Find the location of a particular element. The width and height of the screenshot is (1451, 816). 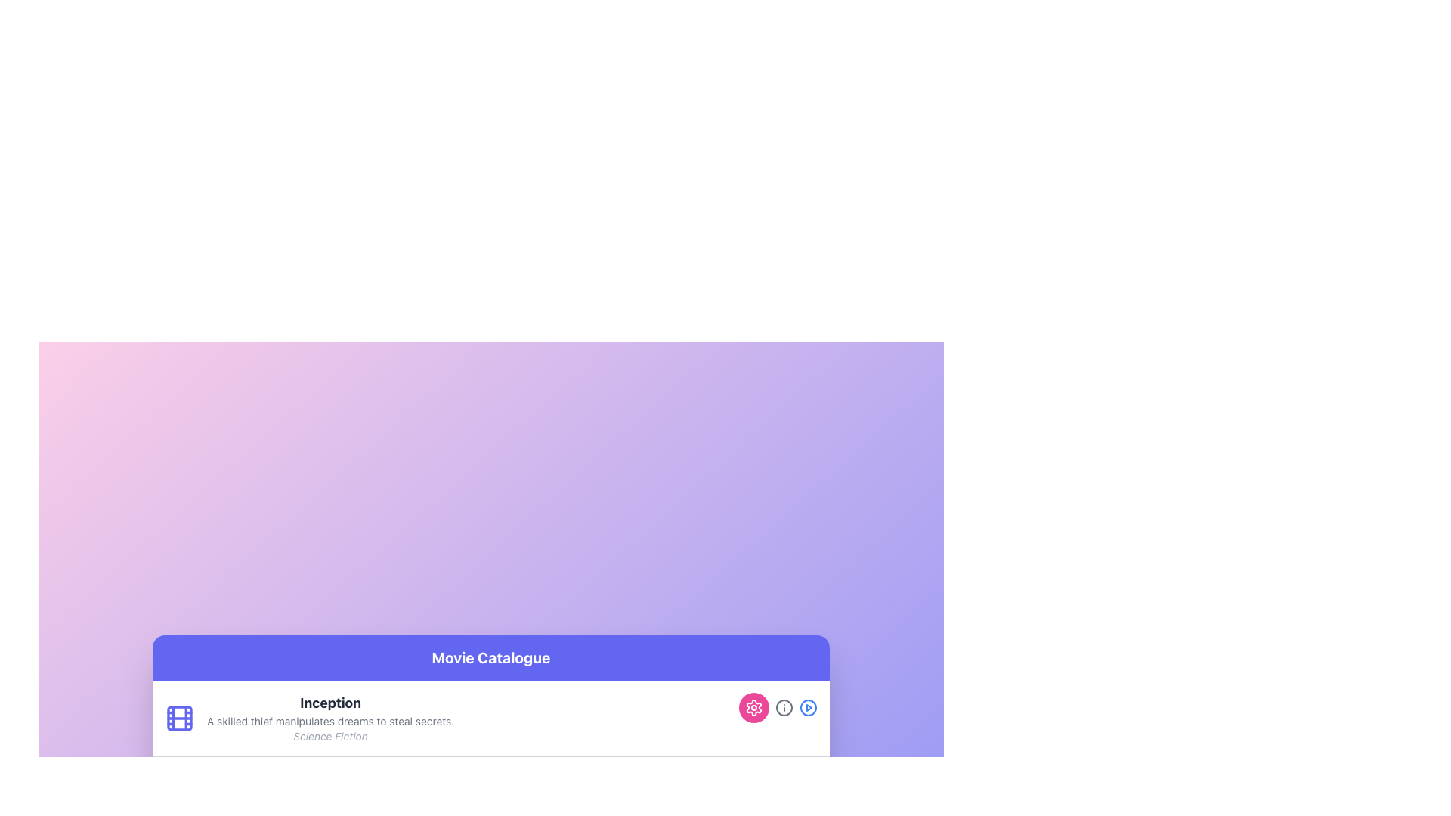

the movie icon representing 'Inception' is located at coordinates (180, 716).